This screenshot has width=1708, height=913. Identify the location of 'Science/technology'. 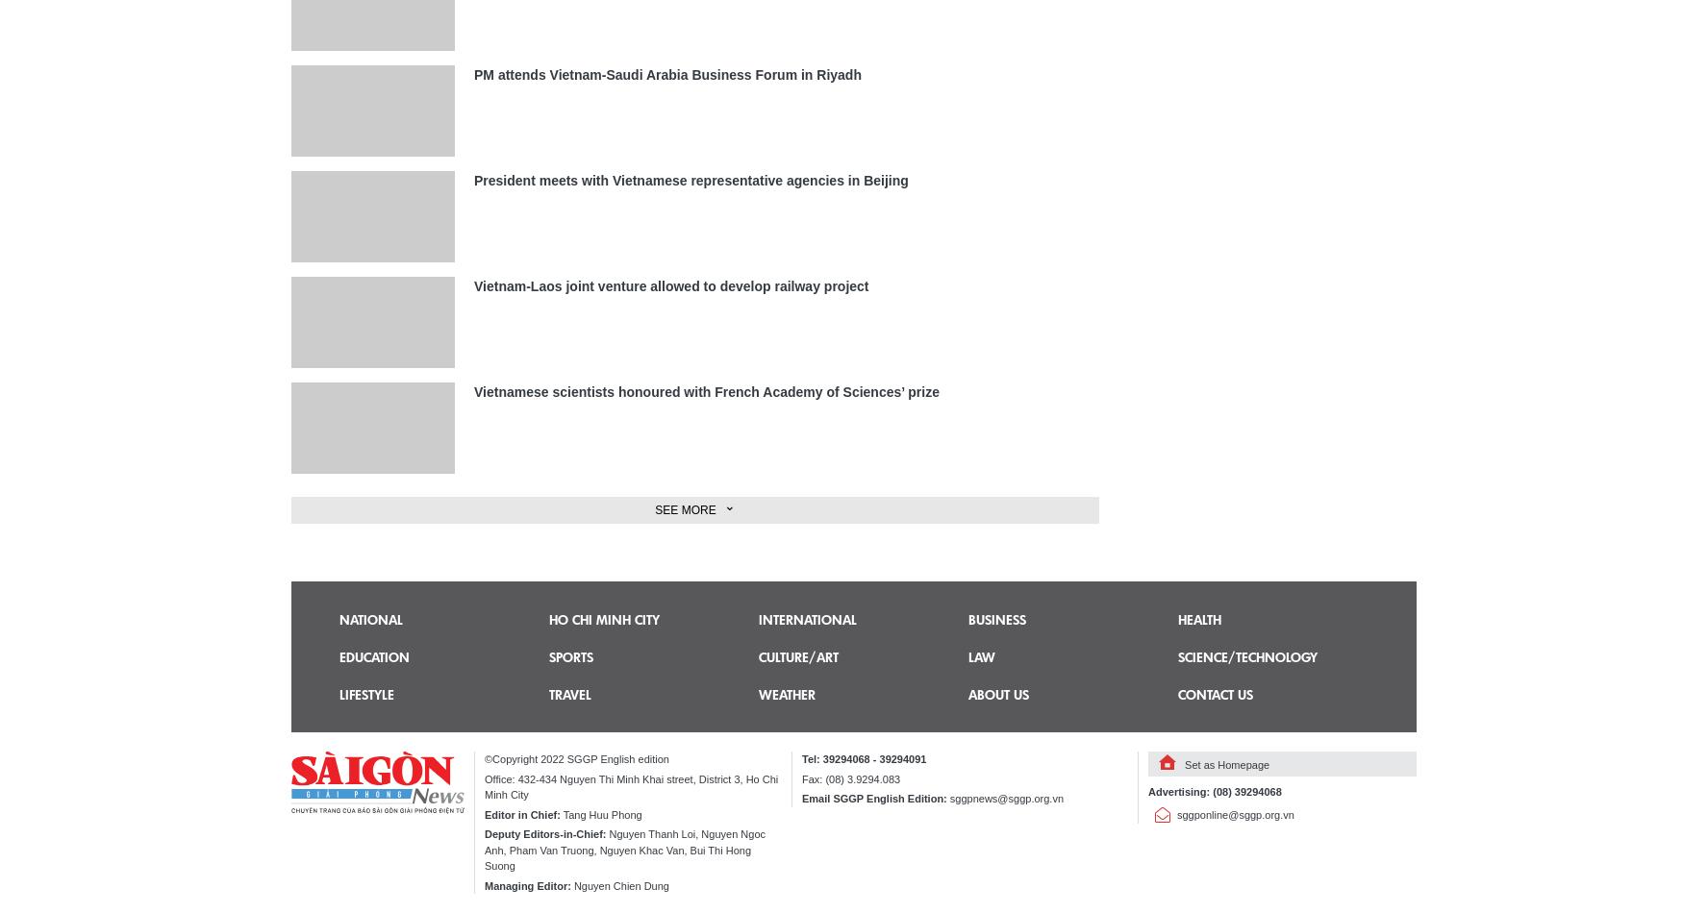
(1247, 656).